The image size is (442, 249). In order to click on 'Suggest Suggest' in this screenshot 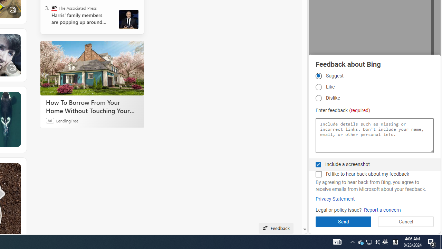, I will do `click(318, 76)`.